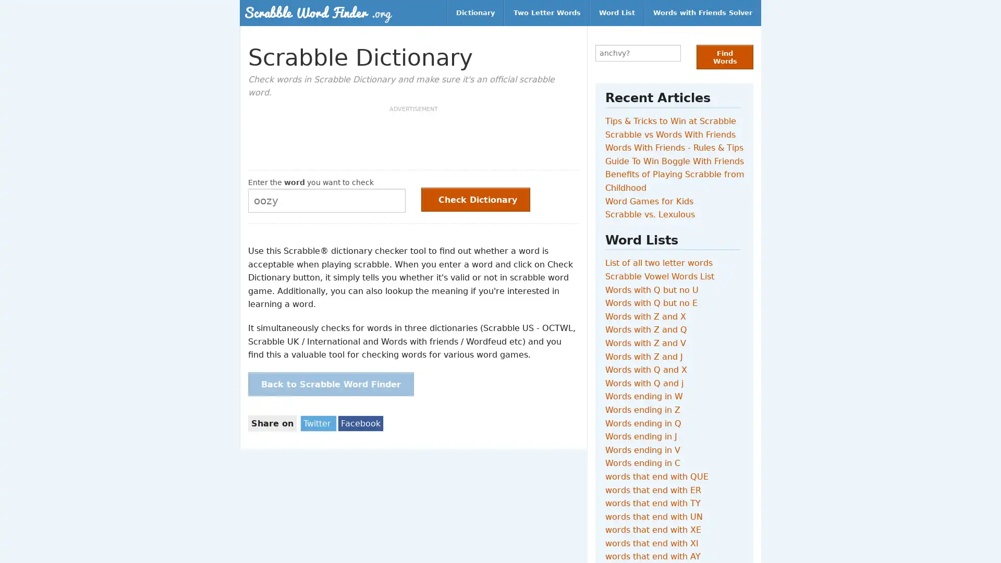 This screenshot has width=1001, height=563. Describe the element at coordinates (724, 57) in the screenshot. I see `Find Words` at that location.